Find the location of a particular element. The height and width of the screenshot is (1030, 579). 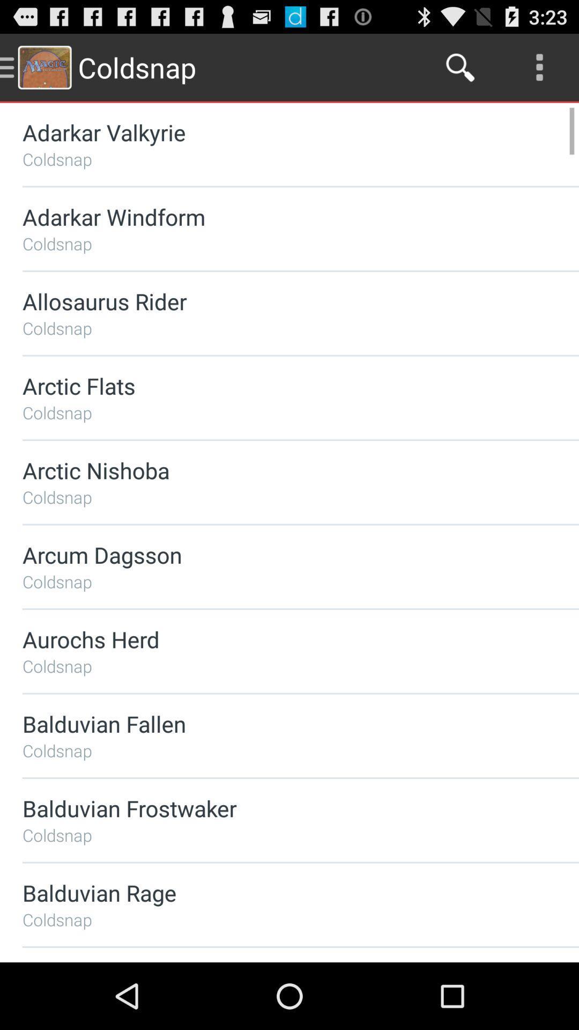

the balduvian frostwaker is located at coordinates (272, 808).